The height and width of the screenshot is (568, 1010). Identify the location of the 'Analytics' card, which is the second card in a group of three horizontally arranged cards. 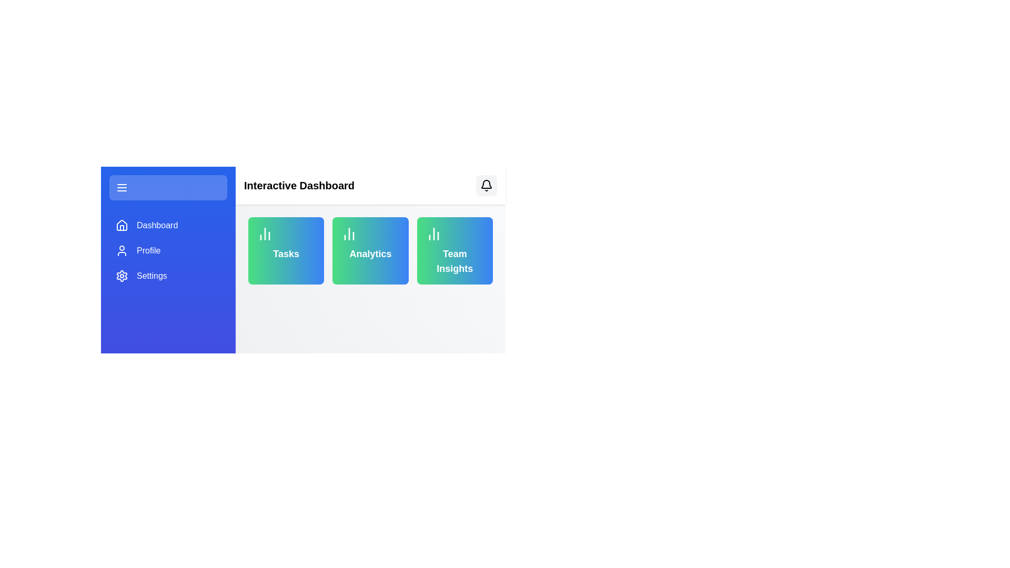
(370, 251).